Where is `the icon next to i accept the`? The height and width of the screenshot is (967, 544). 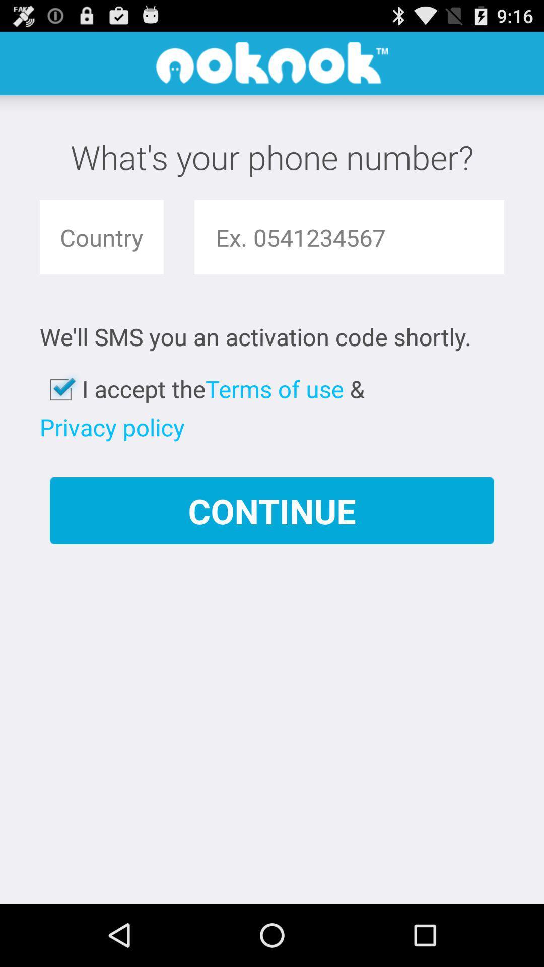 the icon next to i accept the is located at coordinates (60, 389).